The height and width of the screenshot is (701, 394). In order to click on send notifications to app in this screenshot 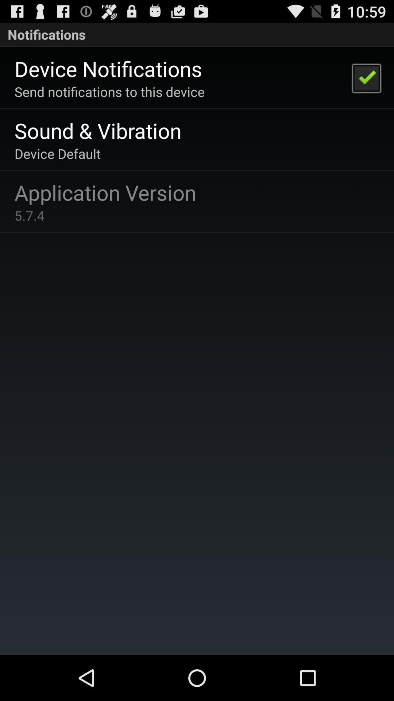, I will do `click(109, 91)`.